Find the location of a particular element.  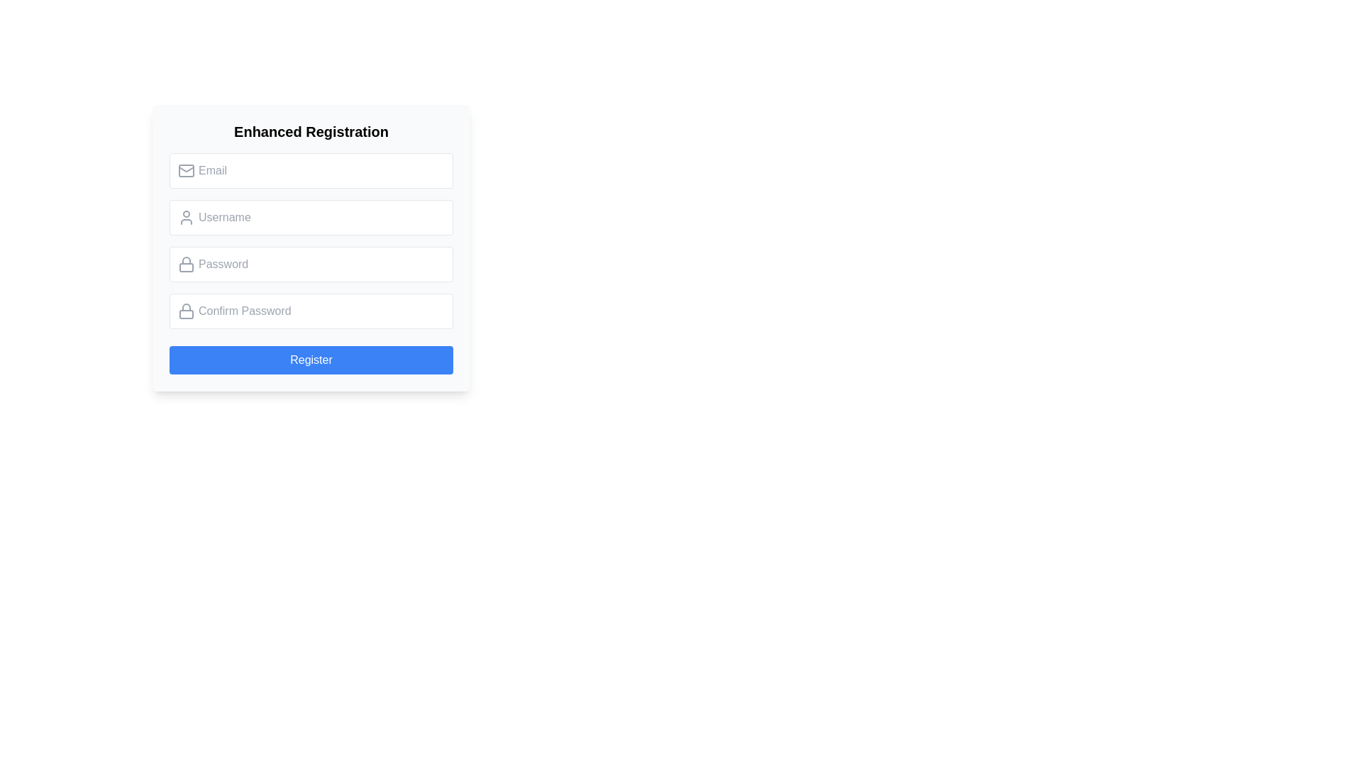

the envelope SVG icon that represents the email field, located at the left edge of the email input box is located at coordinates (186, 170).